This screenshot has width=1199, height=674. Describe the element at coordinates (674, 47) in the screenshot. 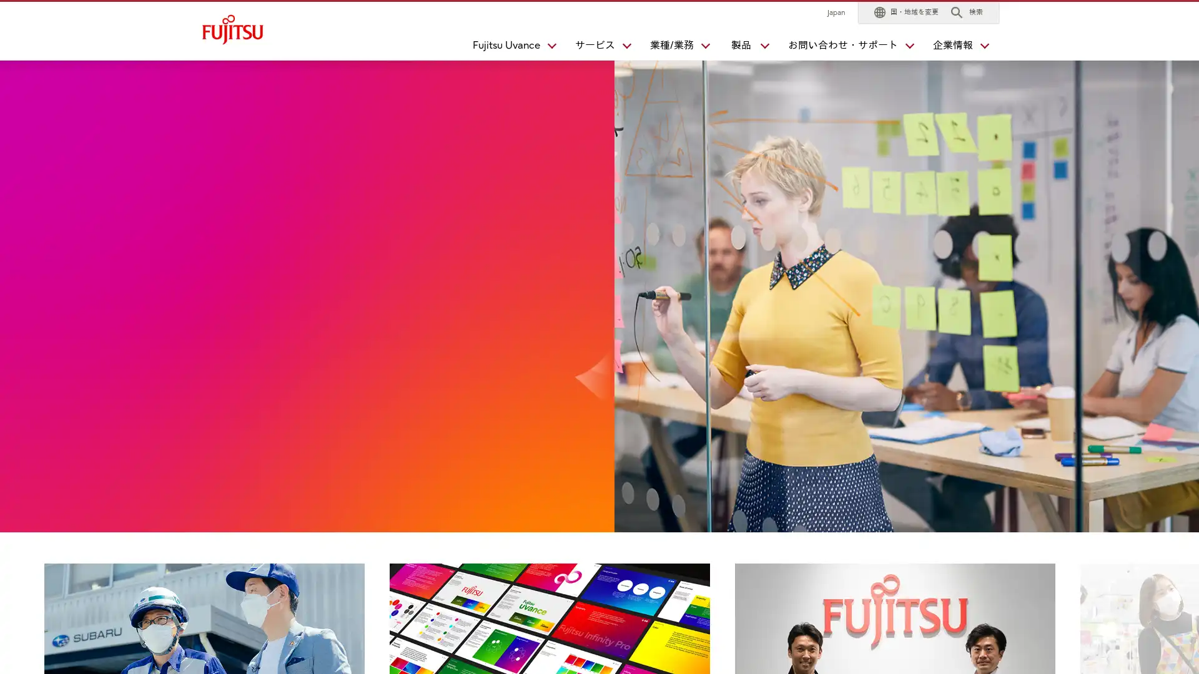

I see `/` at that location.